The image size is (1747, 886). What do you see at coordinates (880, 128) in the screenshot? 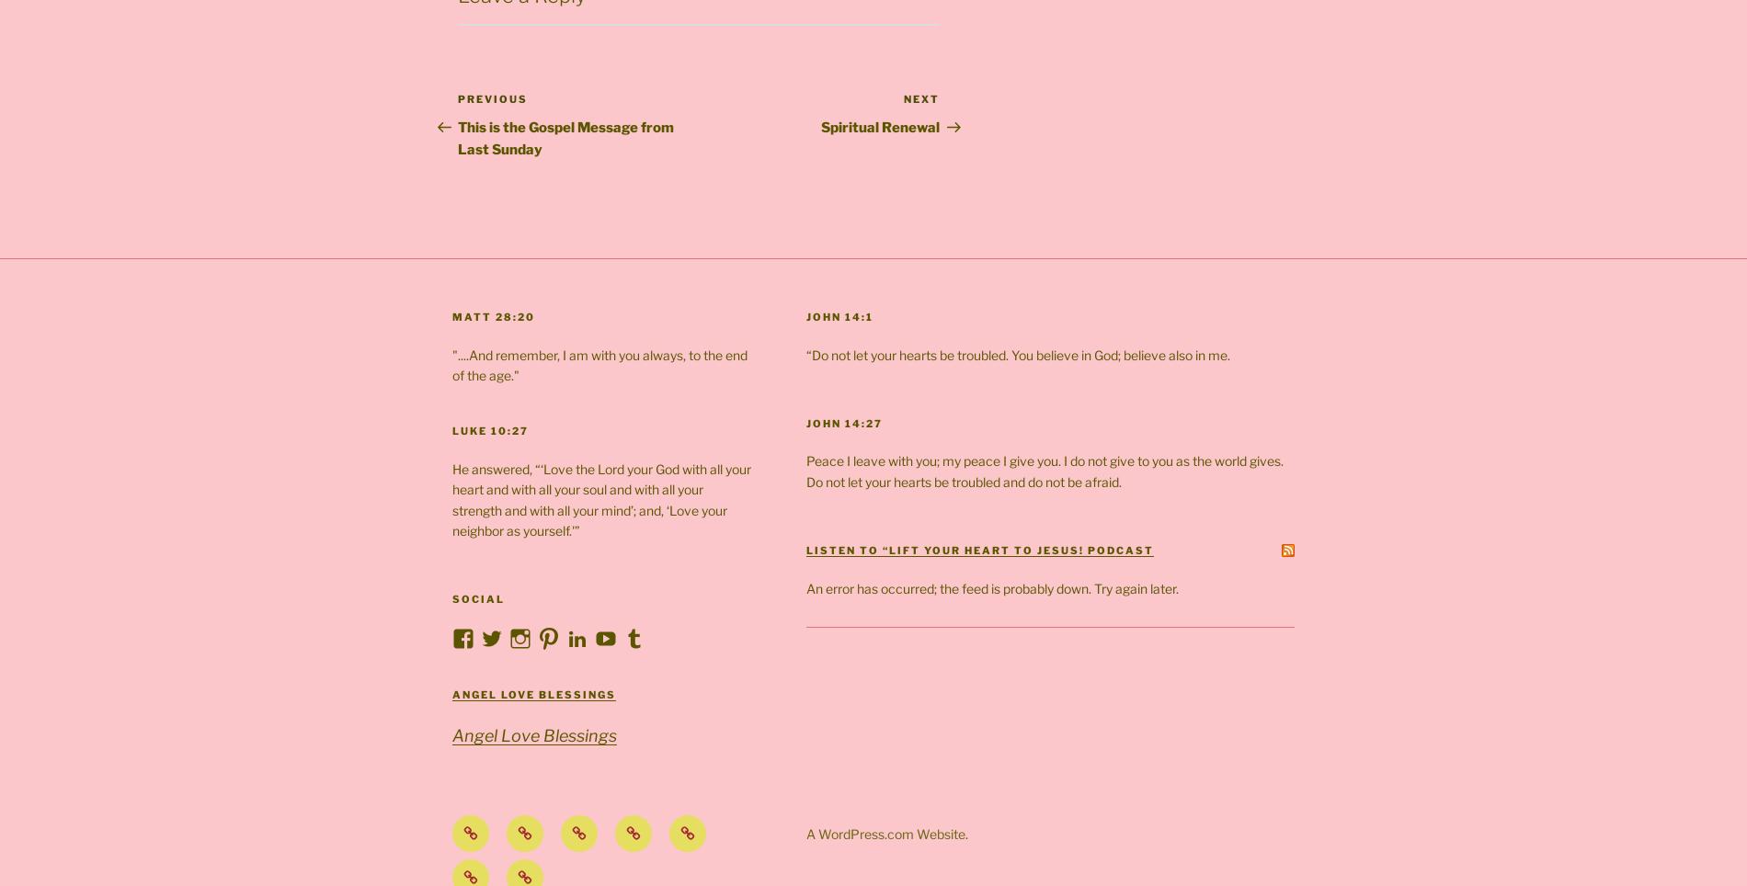
I see `'Spiritual Renewal'` at bounding box center [880, 128].